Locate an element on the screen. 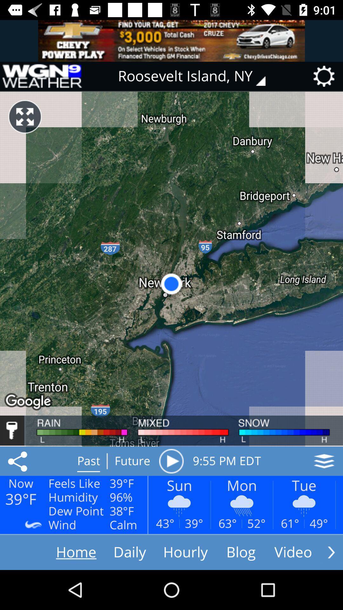 Image resolution: width=343 pixels, height=610 pixels. the share icon is located at coordinates (18, 461).